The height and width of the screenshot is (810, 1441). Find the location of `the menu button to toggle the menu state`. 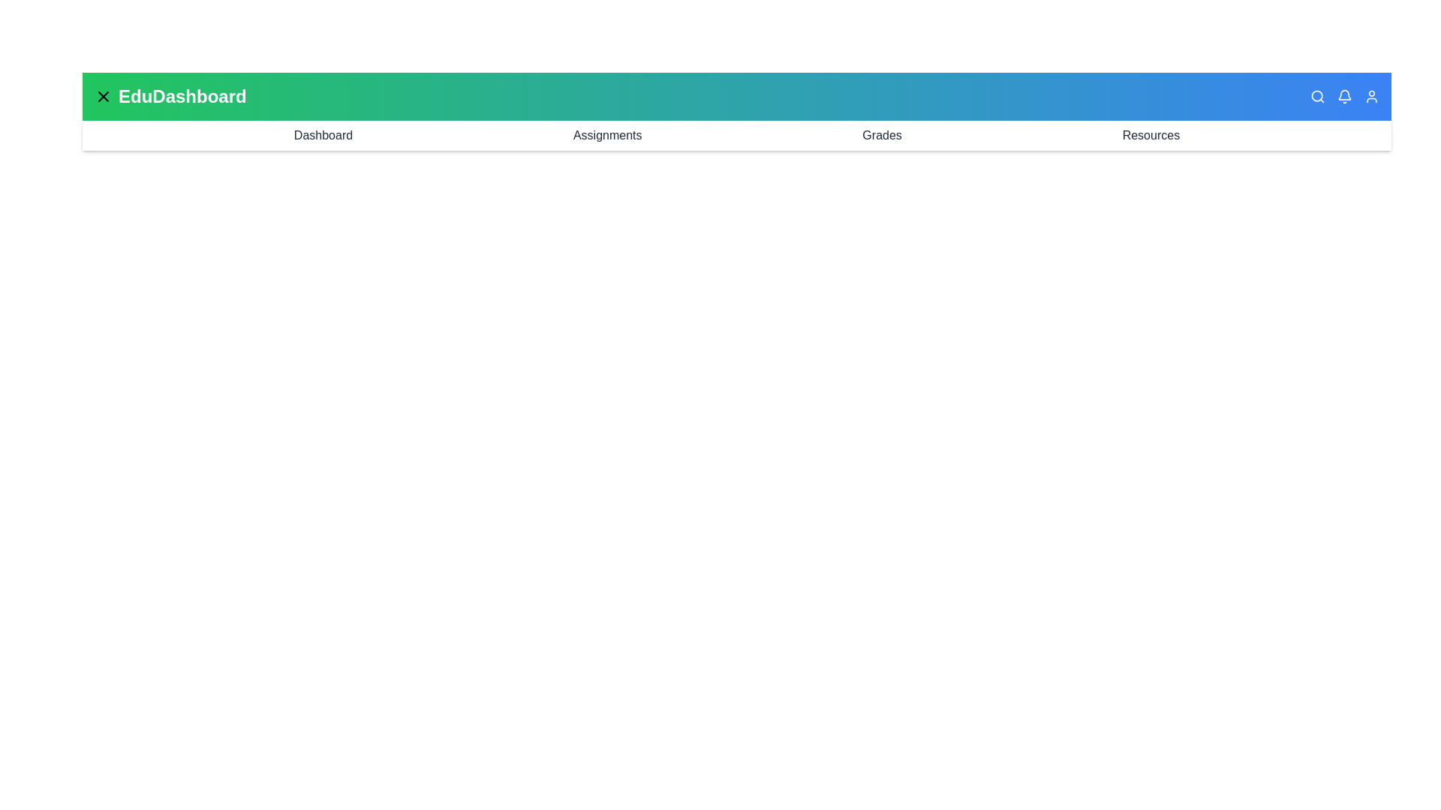

the menu button to toggle the menu state is located at coordinates (103, 96).